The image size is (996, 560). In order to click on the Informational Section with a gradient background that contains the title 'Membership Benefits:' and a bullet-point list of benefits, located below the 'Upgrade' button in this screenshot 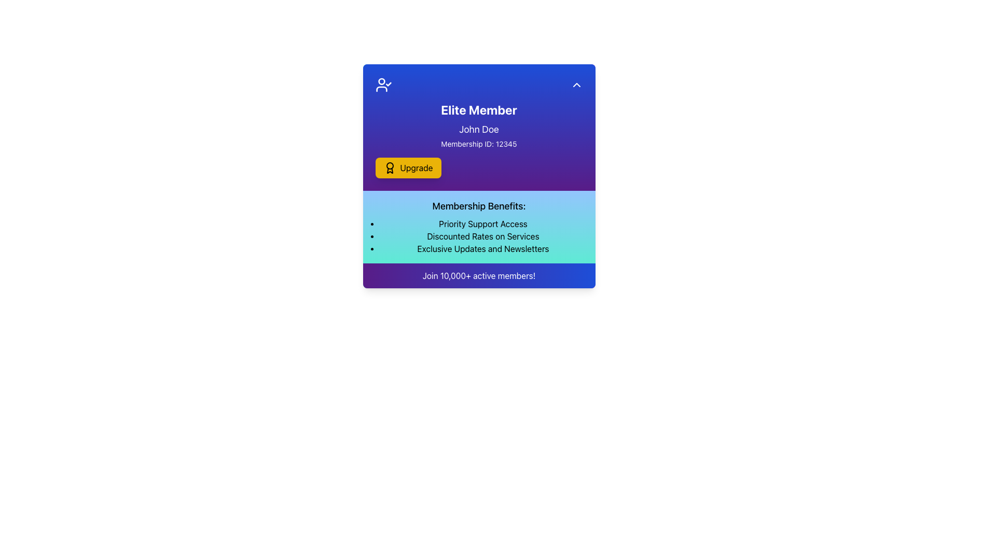, I will do `click(478, 227)`.